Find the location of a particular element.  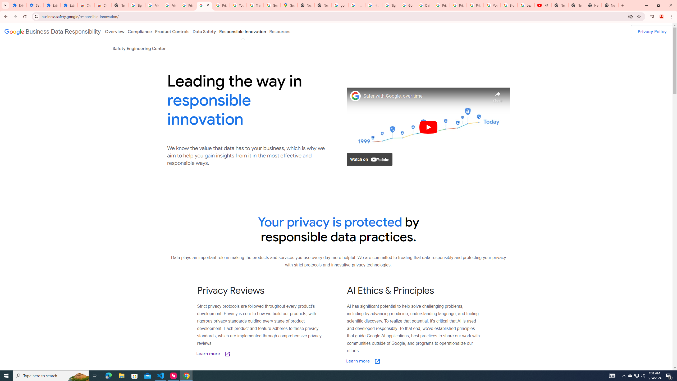

'Settings' is located at coordinates (35, 5).